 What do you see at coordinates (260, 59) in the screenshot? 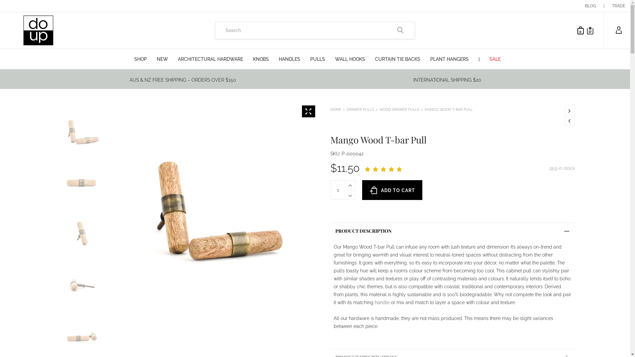
I see `'KNOBS'` at bounding box center [260, 59].